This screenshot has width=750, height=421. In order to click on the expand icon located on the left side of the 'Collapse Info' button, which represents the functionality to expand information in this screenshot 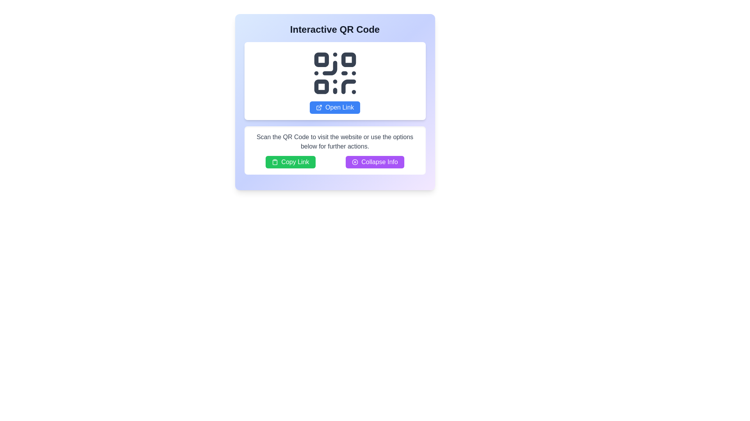, I will do `click(355, 162)`.